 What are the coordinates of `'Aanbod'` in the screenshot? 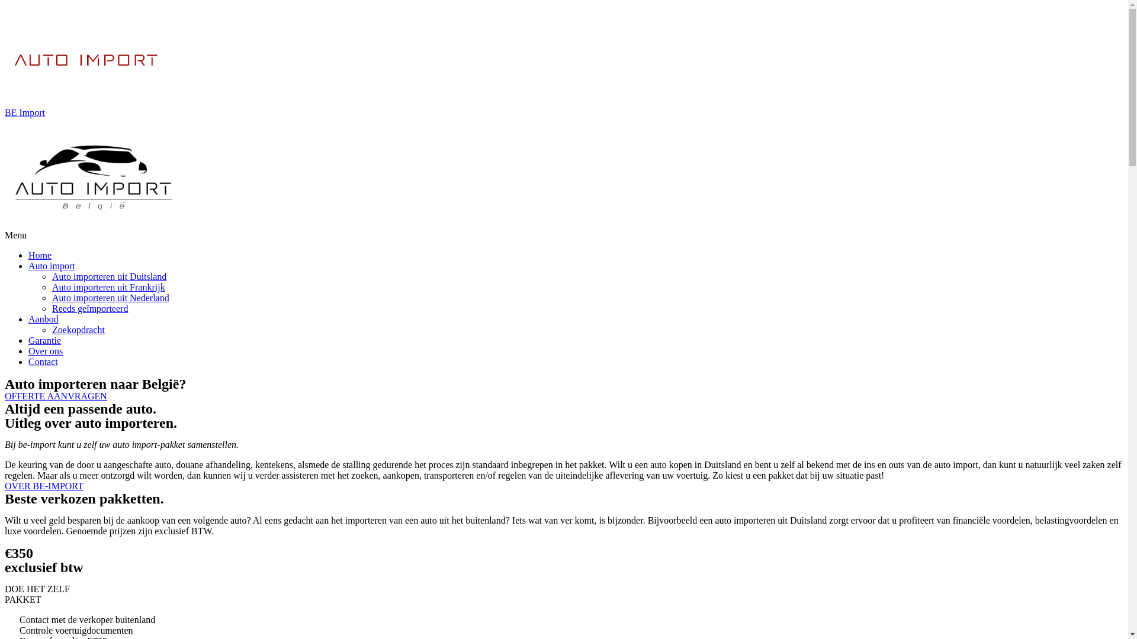 It's located at (43, 318).